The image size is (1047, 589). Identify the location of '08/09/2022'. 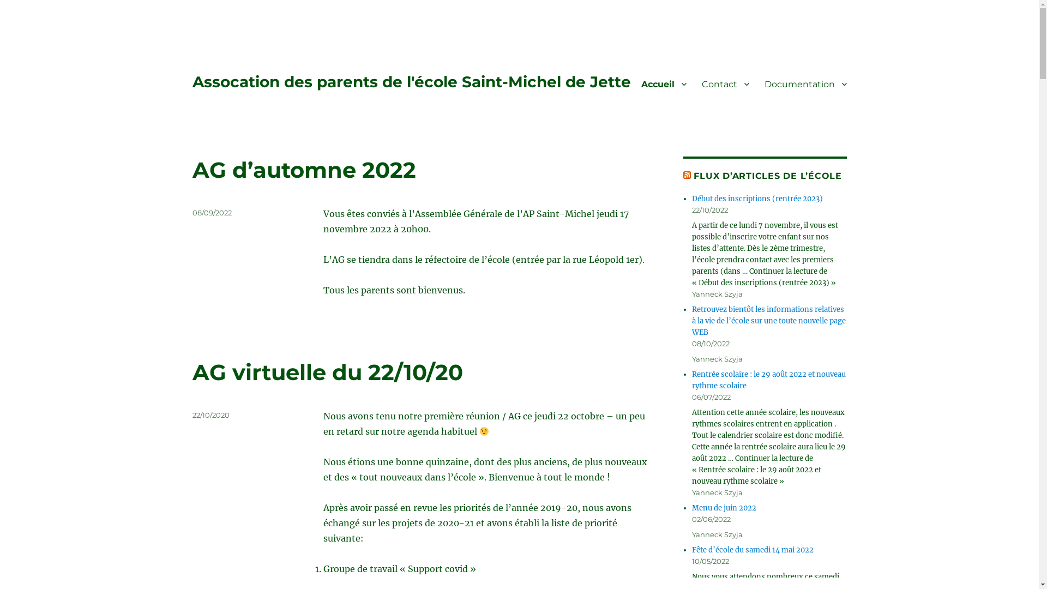
(212, 212).